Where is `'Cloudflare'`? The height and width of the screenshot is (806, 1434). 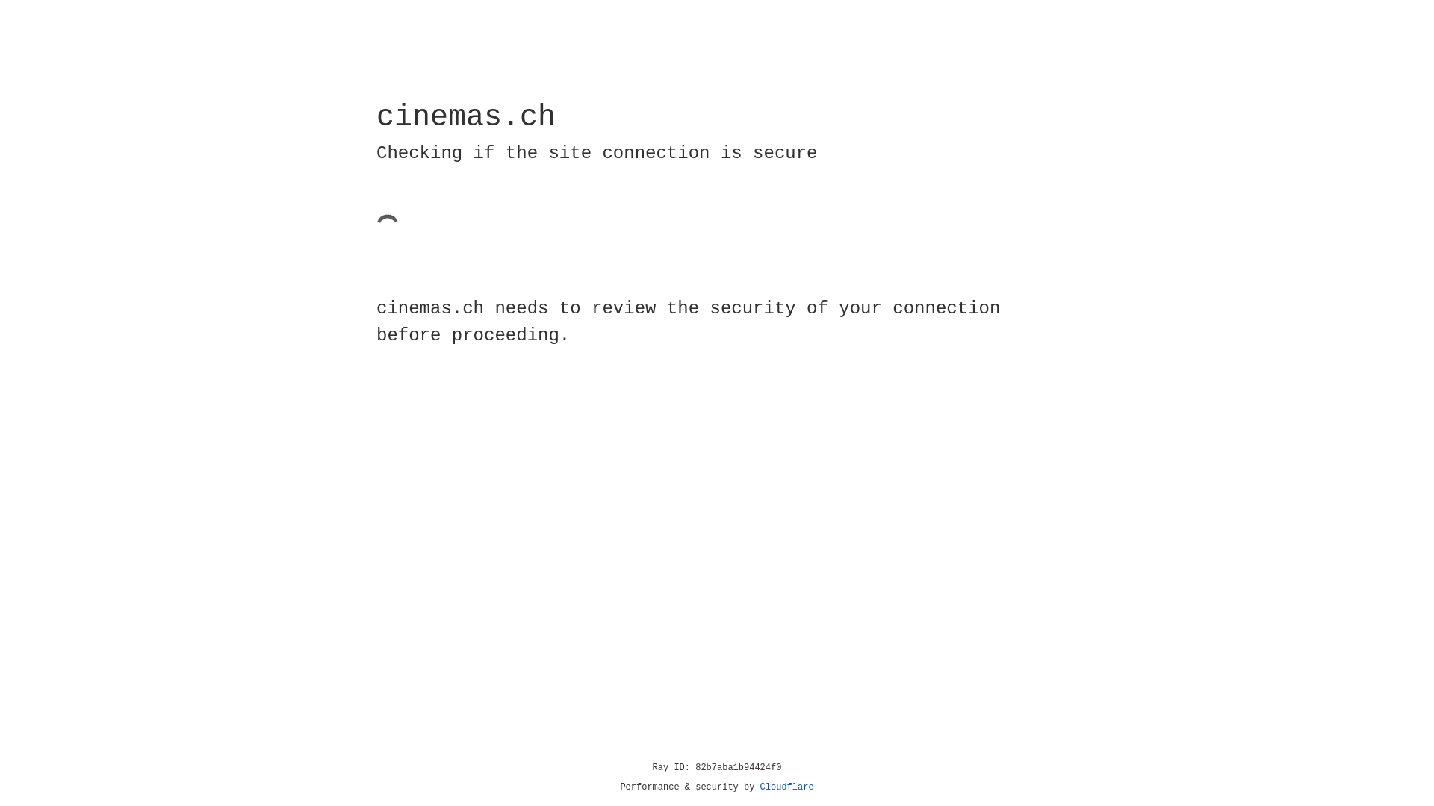 'Cloudflare' is located at coordinates (786, 787).